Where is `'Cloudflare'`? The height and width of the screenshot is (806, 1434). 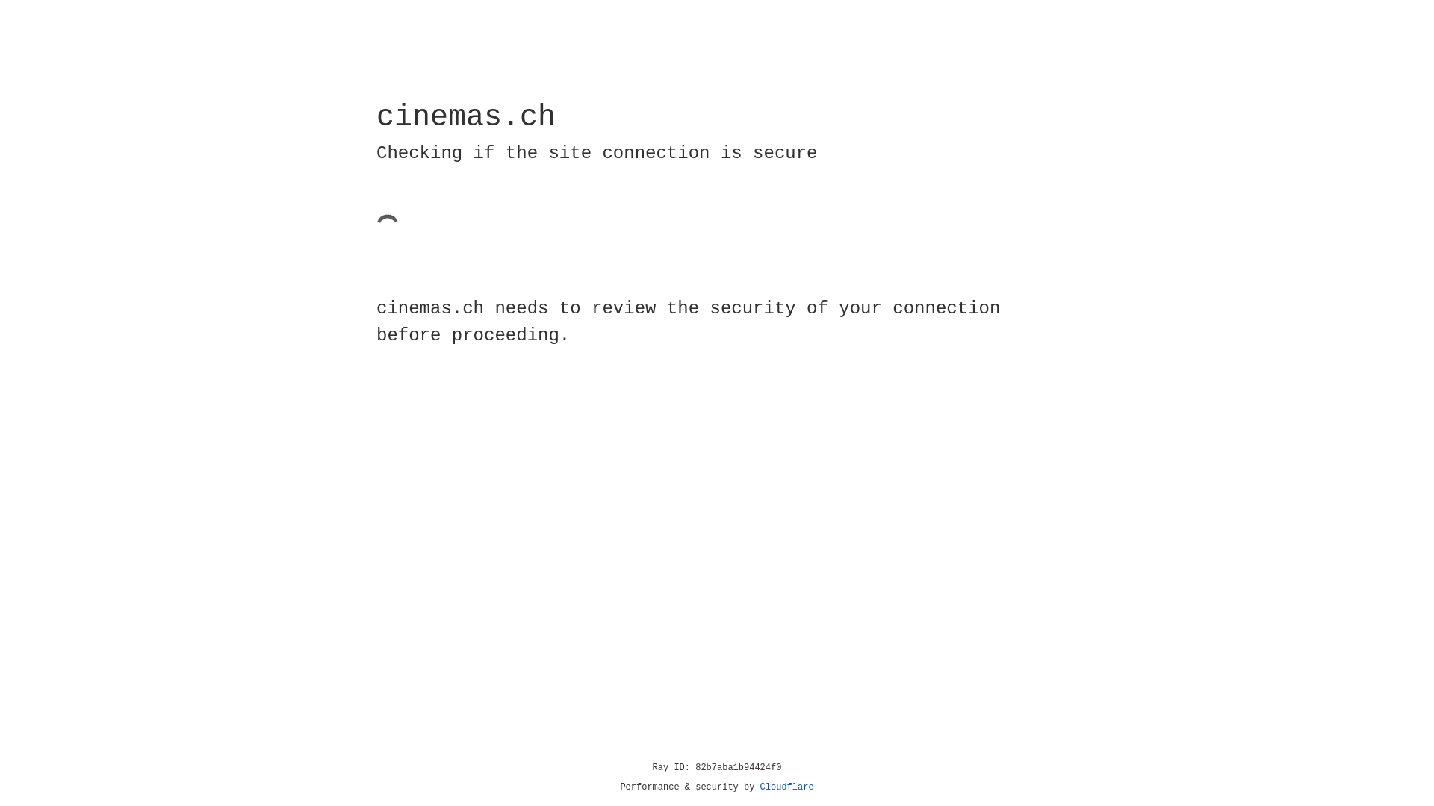 'Cloudflare' is located at coordinates (786, 787).